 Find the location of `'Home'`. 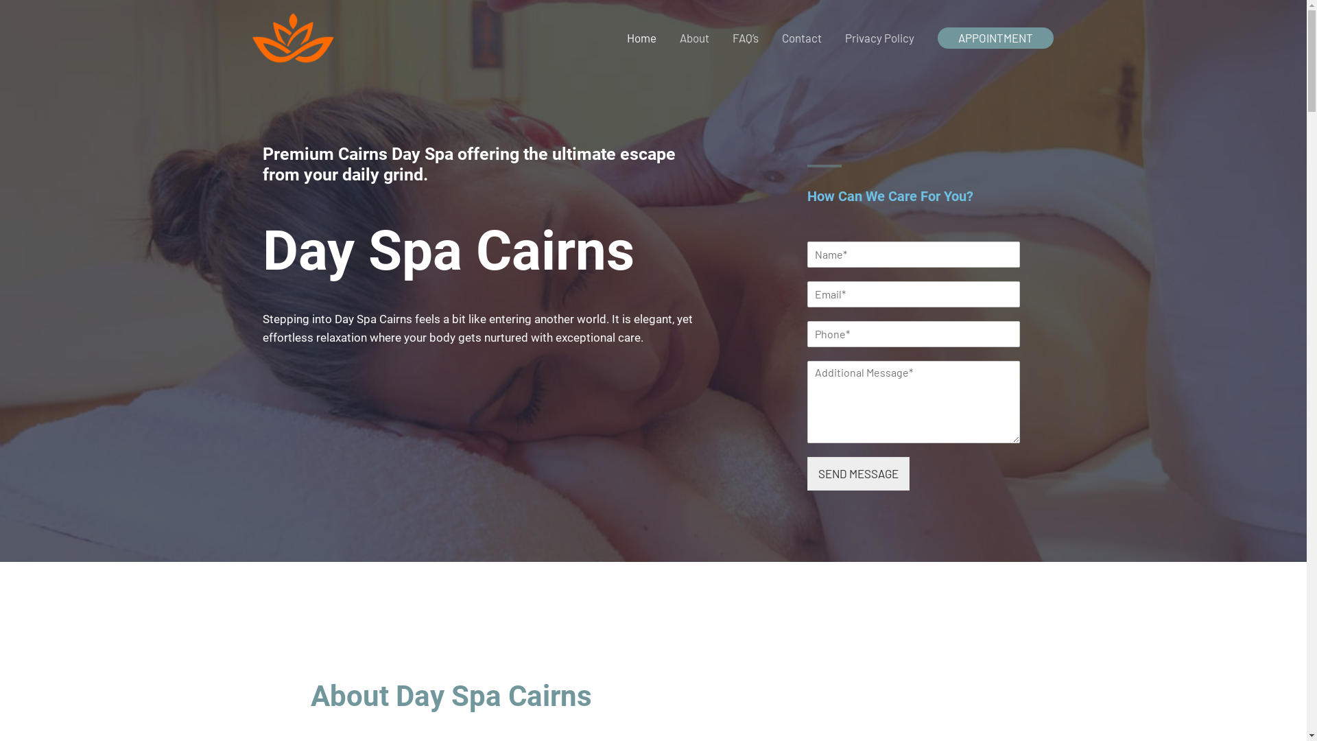

'Home' is located at coordinates (614, 36).